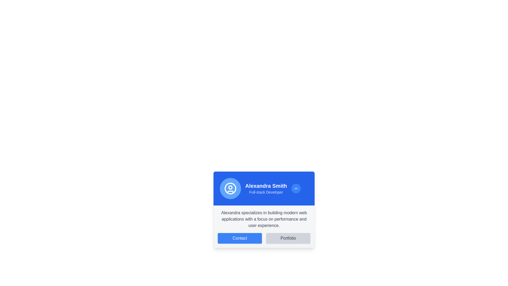 Image resolution: width=508 pixels, height=286 pixels. I want to click on the name in the Card header with profile details, so click(264, 188).